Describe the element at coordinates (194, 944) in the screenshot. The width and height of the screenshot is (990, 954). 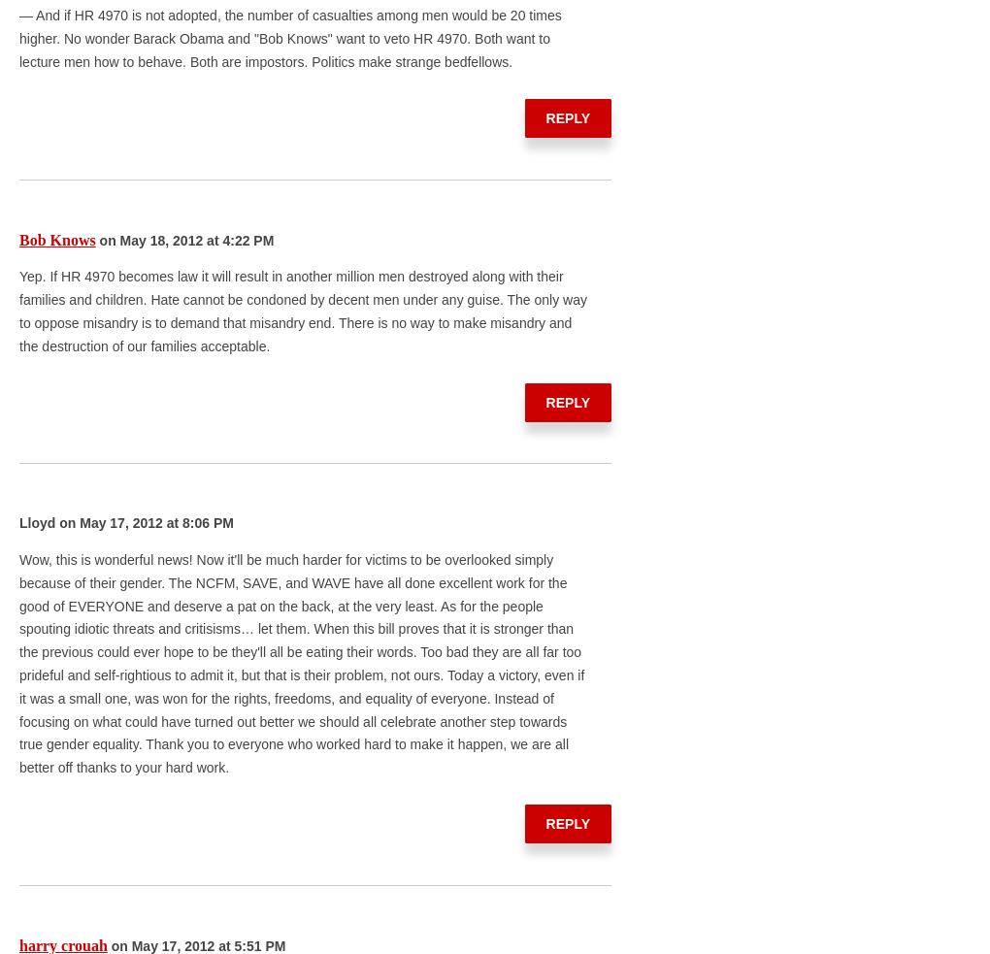
I see `'on May 17, 2012 at 5:51 PM'` at that location.